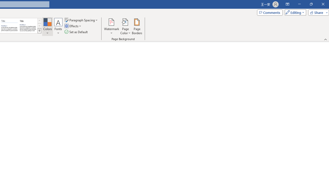 The height and width of the screenshot is (185, 329). What do you see at coordinates (294, 12) in the screenshot?
I see `'Editing'` at bounding box center [294, 12].